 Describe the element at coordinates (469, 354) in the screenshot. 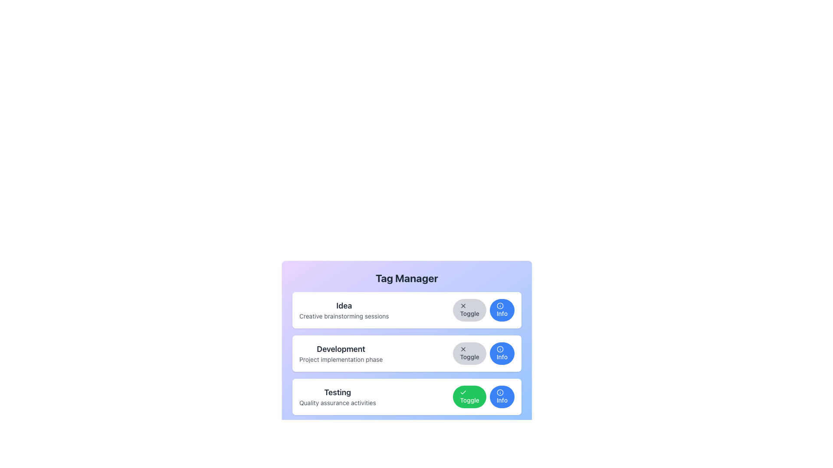

I see `the first button in the 'Toggle Info' group located in the middle row of the 'Tag Manager' card to observe the hover effects` at that location.